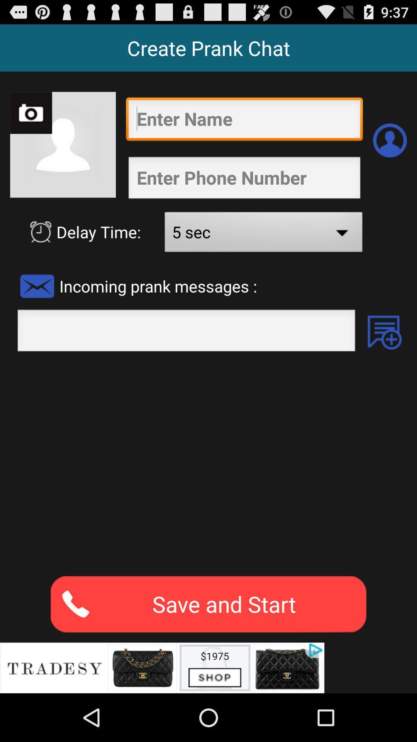 The width and height of the screenshot is (417, 742). What do you see at coordinates (390, 140) in the screenshot?
I see `contact profile option` at bounding box center [390, 140].